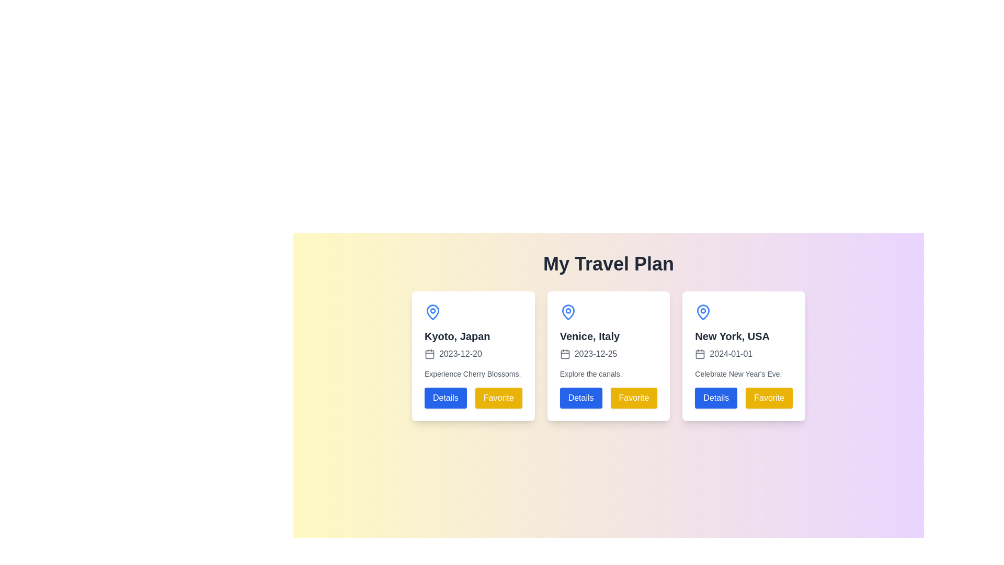 Image resolution: width=1004 pixels, height=565 pixels. What do you see at coordinates (472, 373) in the screenshot?
I see `the descriptive text element that provides information about the event 'Experience Cherry Blossoms' located in the 'Kyoto, Japan' card, positioned below the date text '2023-12-20'` at bounding box center [472, 373].